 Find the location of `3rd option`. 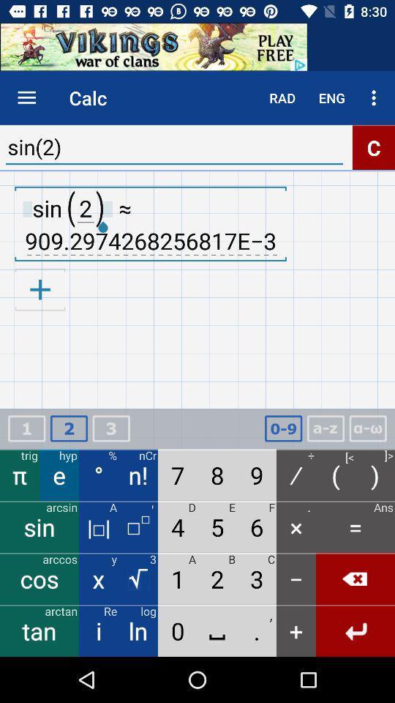

3rd option is located at coordinates (110, 428).